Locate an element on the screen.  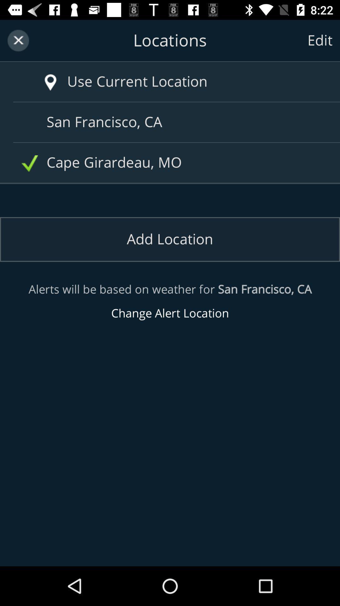
the tick icon is located at coordinates (30, 163).